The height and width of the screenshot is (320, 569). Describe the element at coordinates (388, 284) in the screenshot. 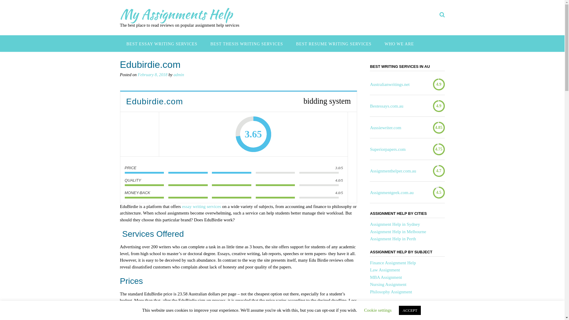

I see `'Nursing Assignment'` at that location.